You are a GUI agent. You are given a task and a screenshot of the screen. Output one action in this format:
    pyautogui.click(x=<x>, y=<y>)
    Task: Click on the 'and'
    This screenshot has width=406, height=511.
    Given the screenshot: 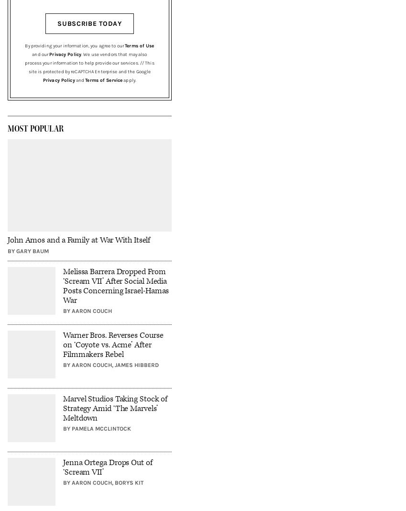 What is the action you would take?
    pyautogui.click(x=79, y=80)
    